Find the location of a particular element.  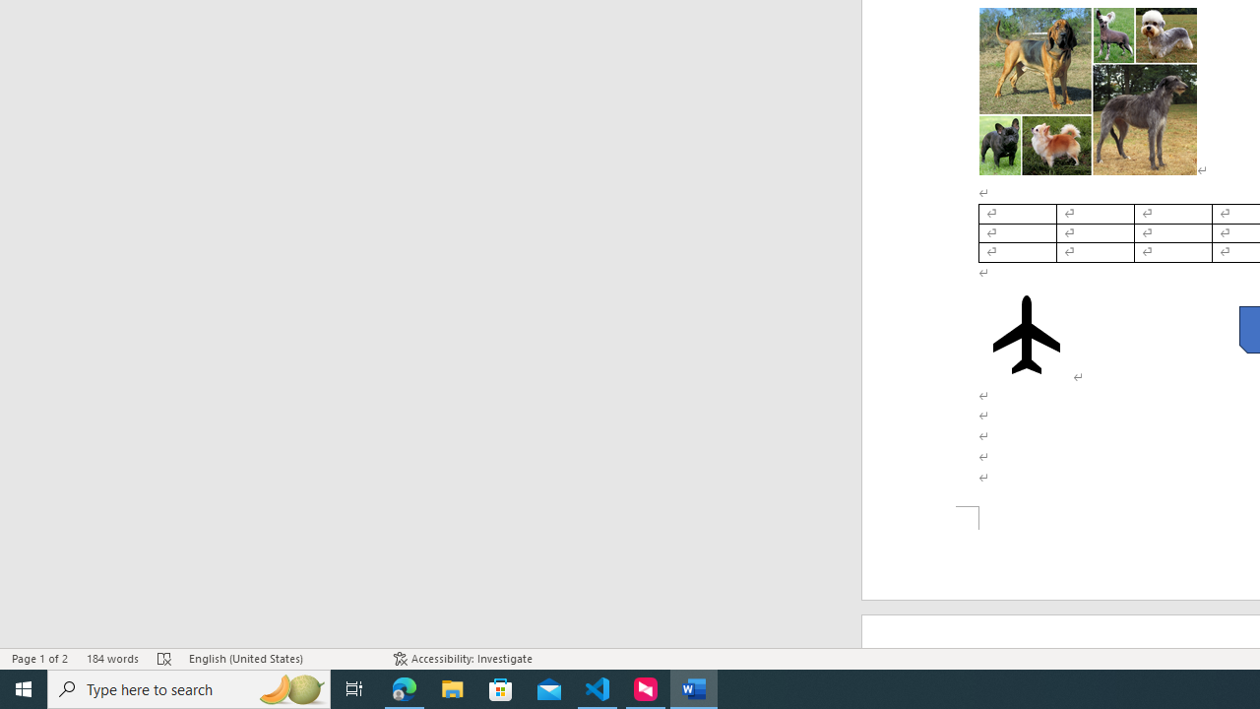

'Page Number Page 1 of 2' is located at coordinates (39, 659).